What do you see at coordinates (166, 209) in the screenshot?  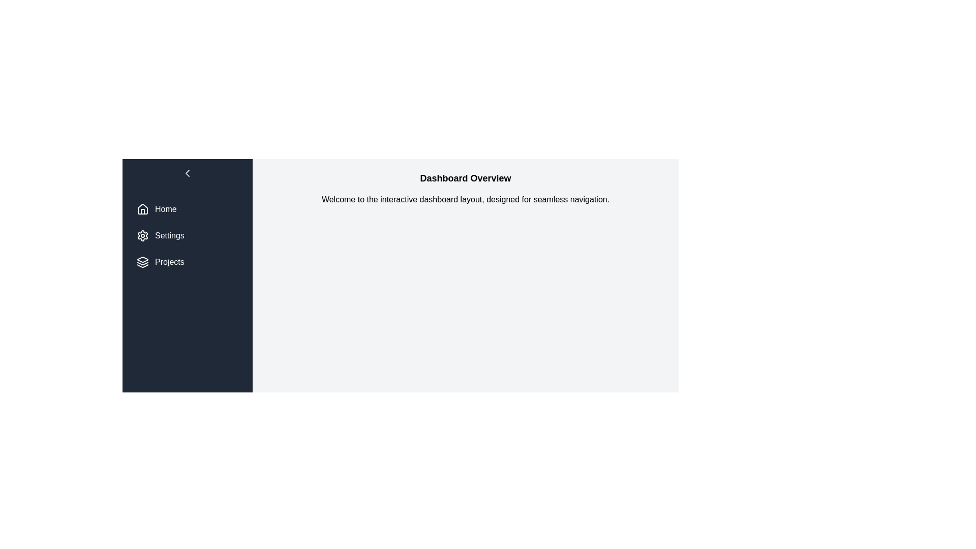 I see `text of the 'Home' label located in the first navigation button of the vertical navigation sidebar on the left` at bounding box center [166, 209].